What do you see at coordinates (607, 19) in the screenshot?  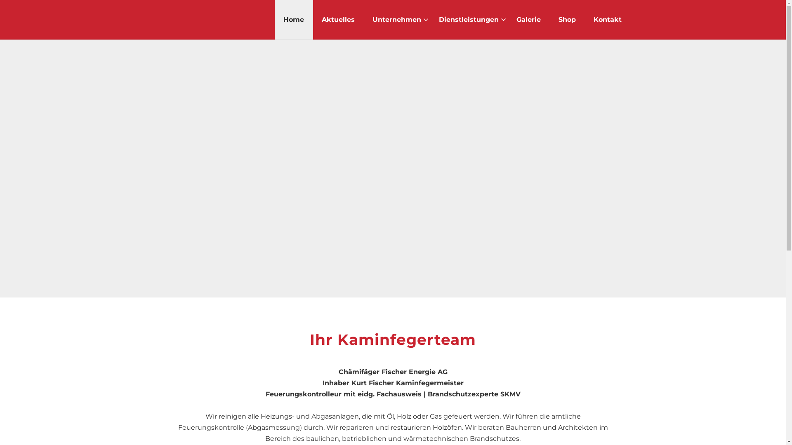 I see `'Kontakt'` at bounding box center [607, 19].